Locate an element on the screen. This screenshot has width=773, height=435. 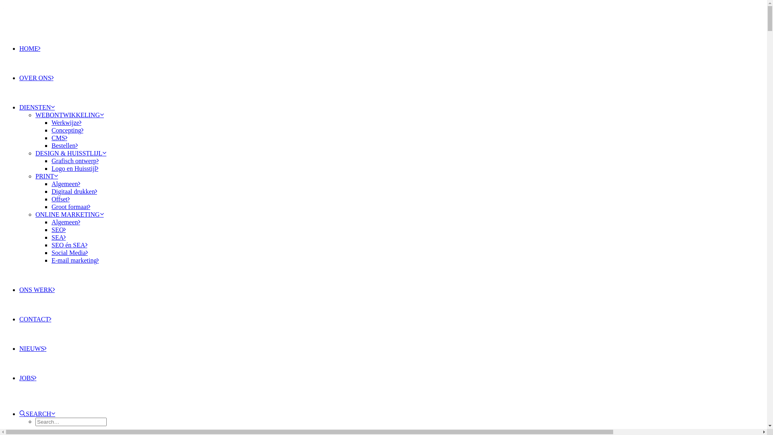
'ONLINE MARKETING' is located at coordinates (69, 214).